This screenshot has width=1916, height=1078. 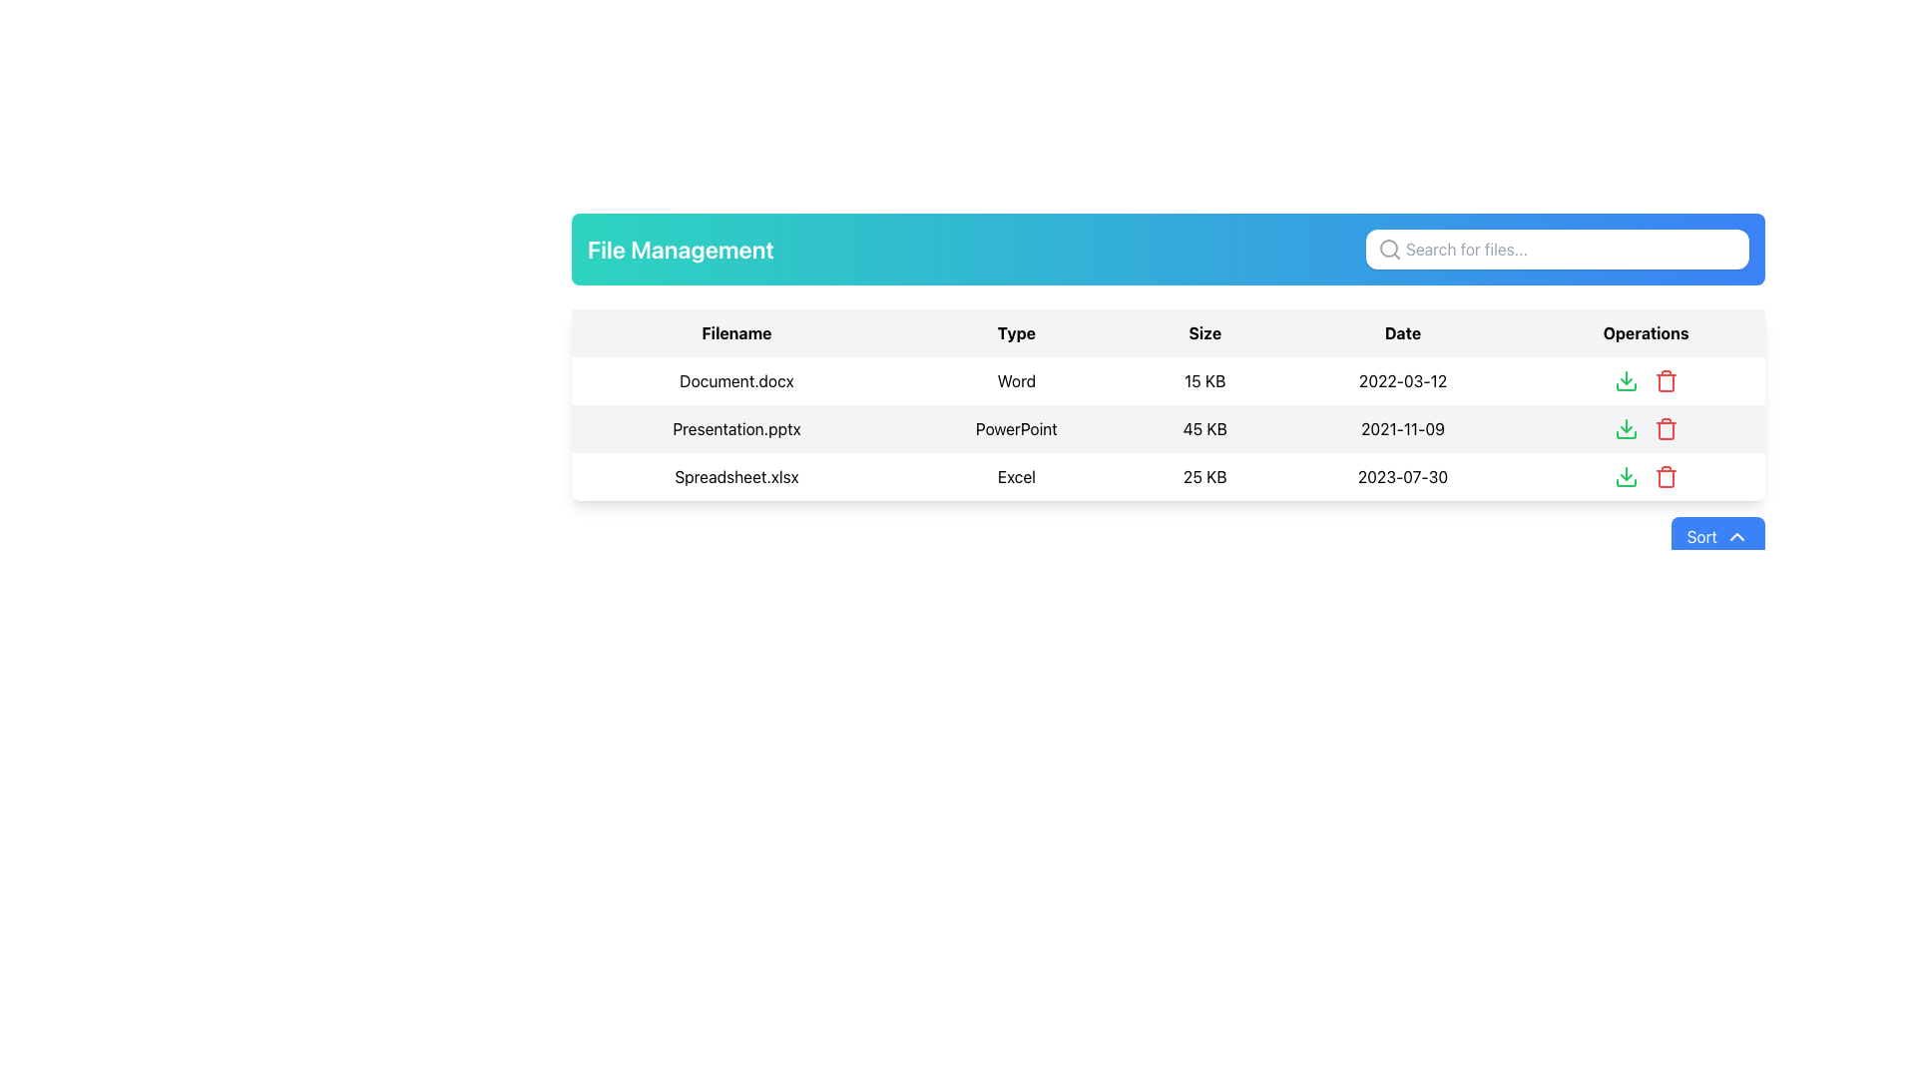 I want to click on the 'Sort' button with bold, white text on a blue background, so click(x=1716, y=535).